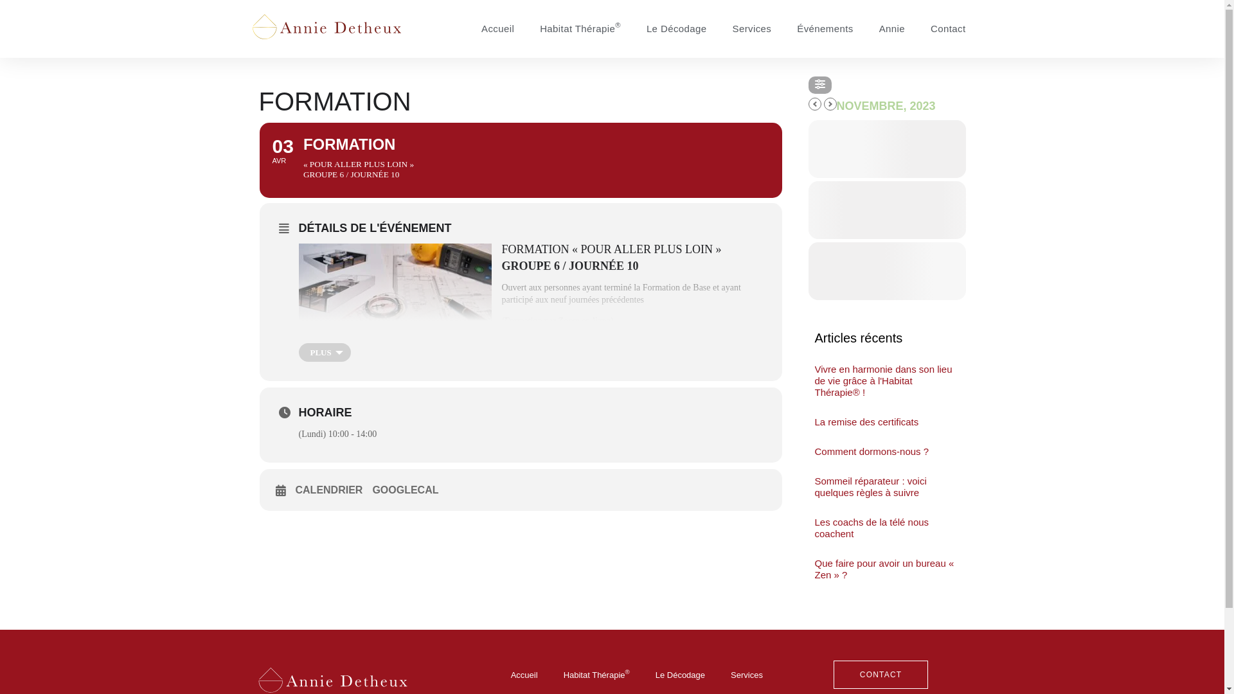  Describe the element at coordinates (752, 29) in the screenshot. I see `'Services'` at that location.